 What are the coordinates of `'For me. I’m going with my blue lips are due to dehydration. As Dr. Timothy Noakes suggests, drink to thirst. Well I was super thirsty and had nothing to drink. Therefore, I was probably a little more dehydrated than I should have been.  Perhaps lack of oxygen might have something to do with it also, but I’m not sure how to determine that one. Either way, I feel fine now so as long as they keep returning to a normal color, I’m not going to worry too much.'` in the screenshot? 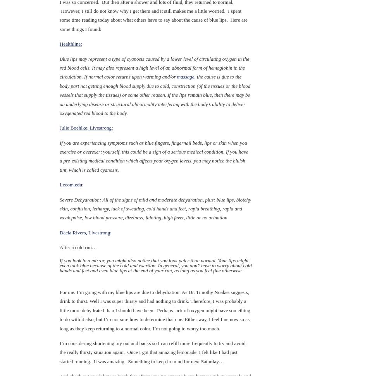 It's located at (154, 309).